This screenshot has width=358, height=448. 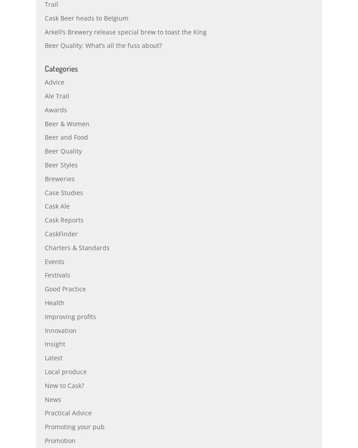 I want to click on 'Beer and Food', so click(x=45, y=157).